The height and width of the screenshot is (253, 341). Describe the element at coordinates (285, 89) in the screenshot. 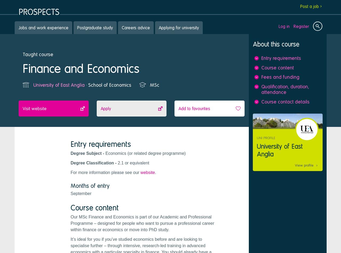

I see `'Qualification, duration, attendance'` at that location.